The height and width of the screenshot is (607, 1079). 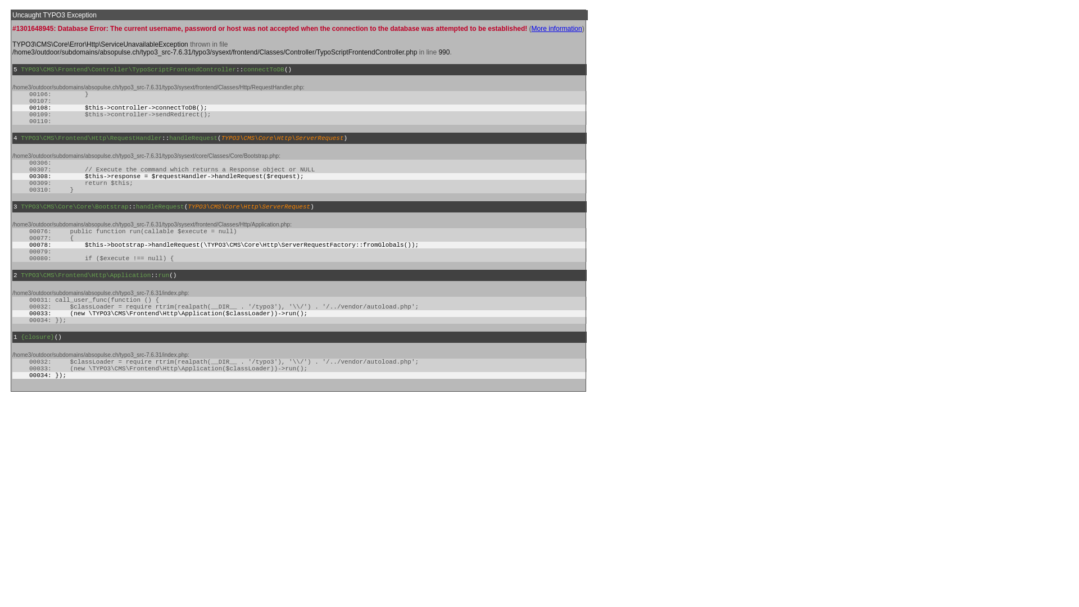 What do you see at coordinates (556, 28) in the screenshot?
I see `'More information'` at bounding box center [556, 28].